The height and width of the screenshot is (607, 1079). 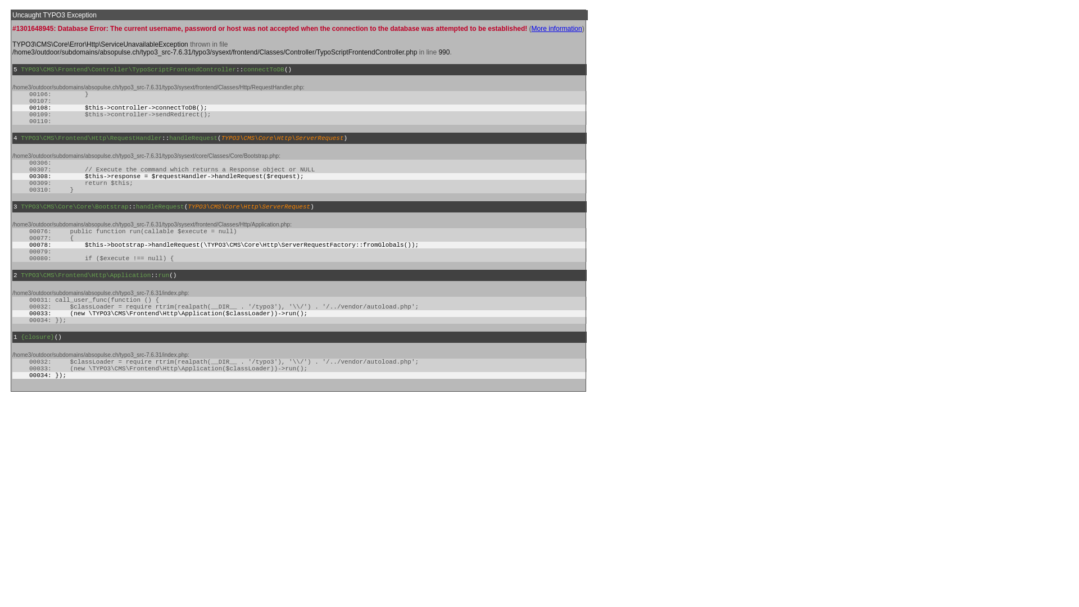 What do you see at coordinates (556, 28) in the screenshot?
I see `'More information'` at bounding box center [556, 28].